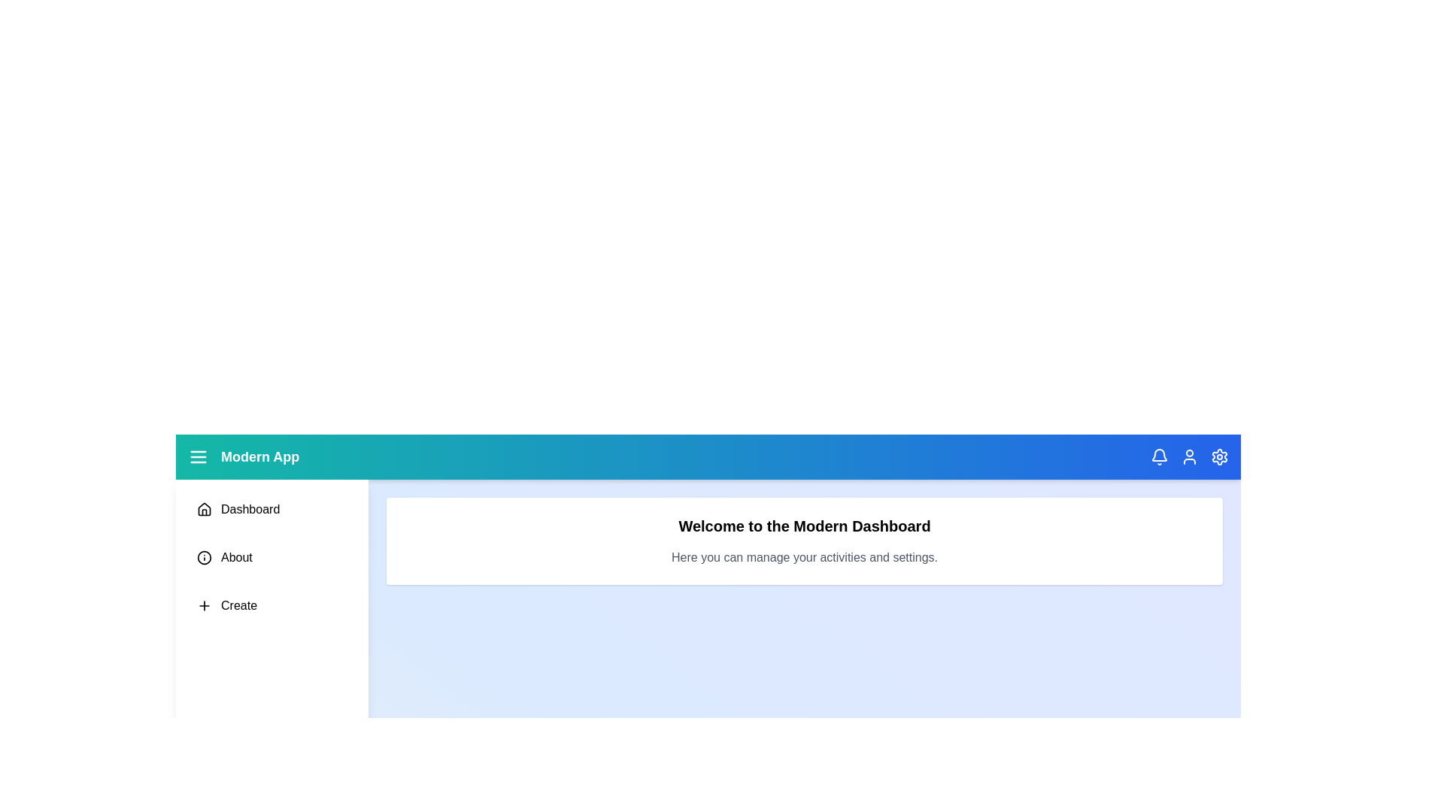  I want to click on the header icon User to perform its respective action, so click(1189, 456).